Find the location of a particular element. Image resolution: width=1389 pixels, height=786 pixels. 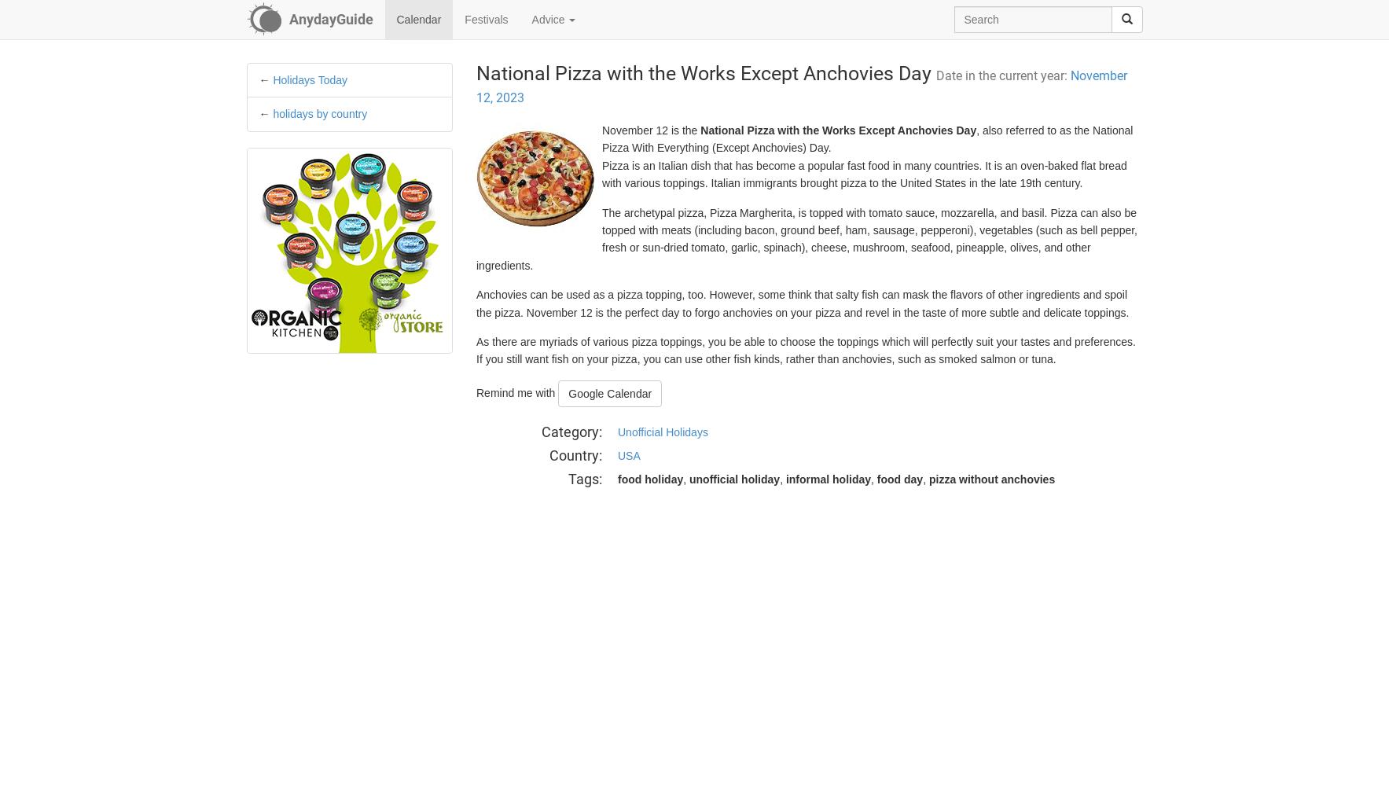

'food holiday' is located at coordinates (649, 479).